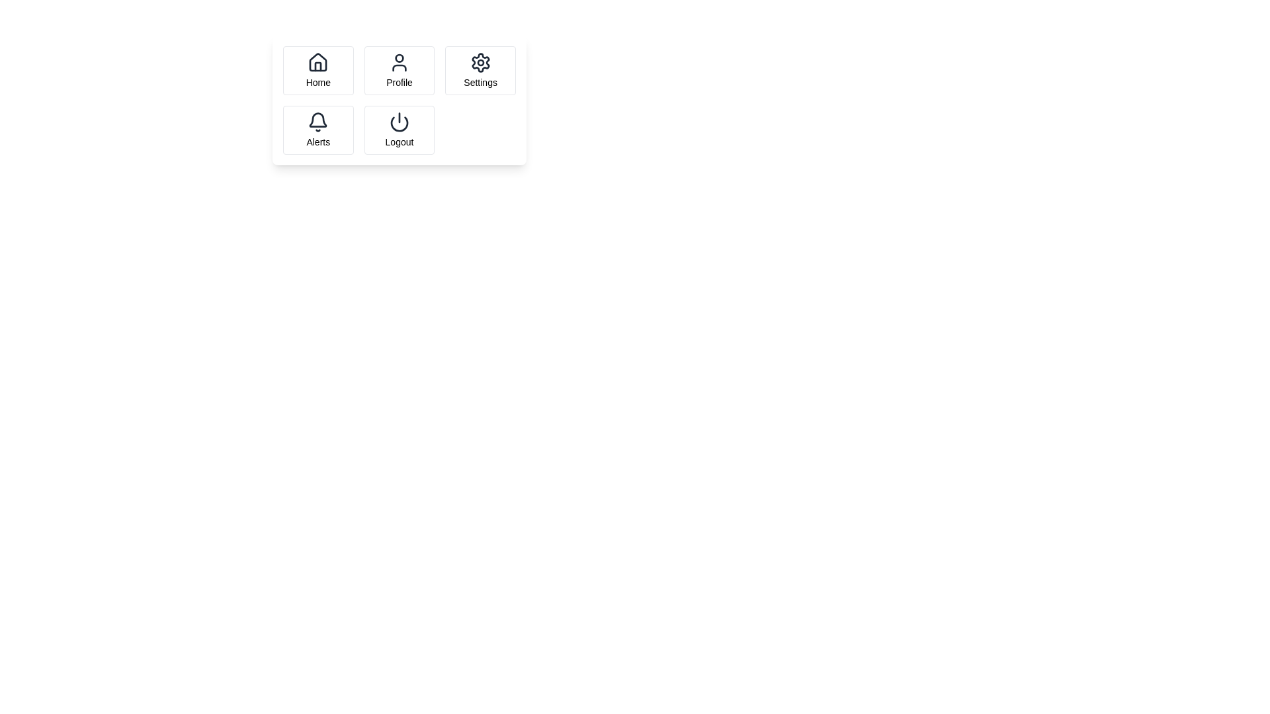 This screenshot has height=714, width=1270. Describe the element at coordinates (399, 63) in the screenshot. I see `the user icon, which is a simple silhouette of a person with rounded edges` at that location.